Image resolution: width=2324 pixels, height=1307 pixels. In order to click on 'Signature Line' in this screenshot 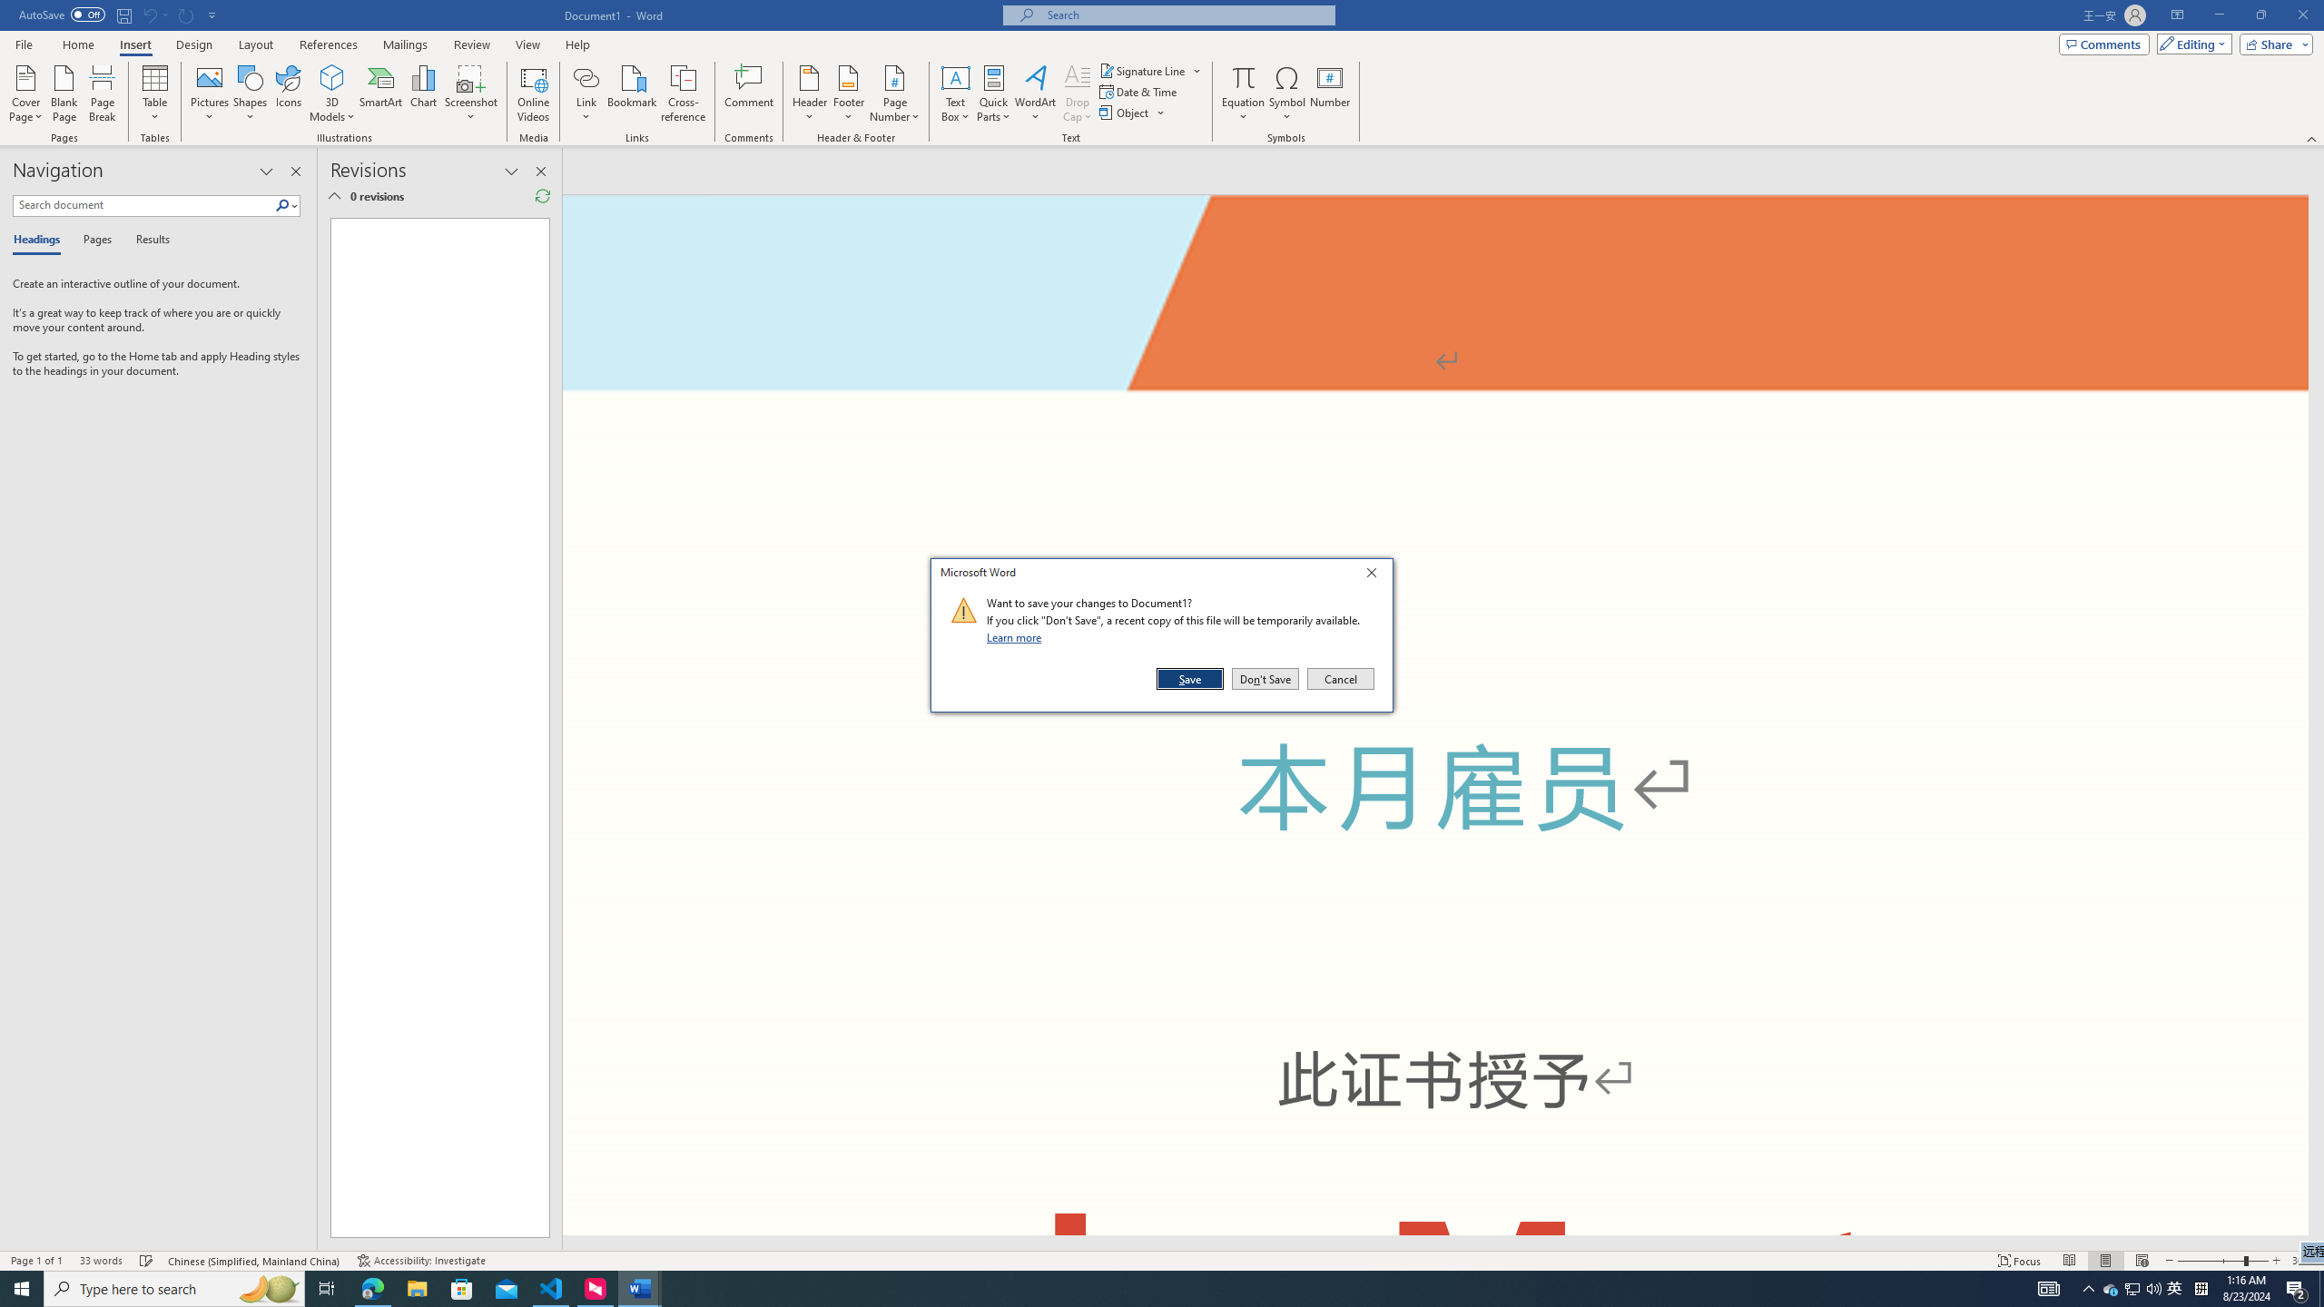, I will do `click(1143, 70)`.